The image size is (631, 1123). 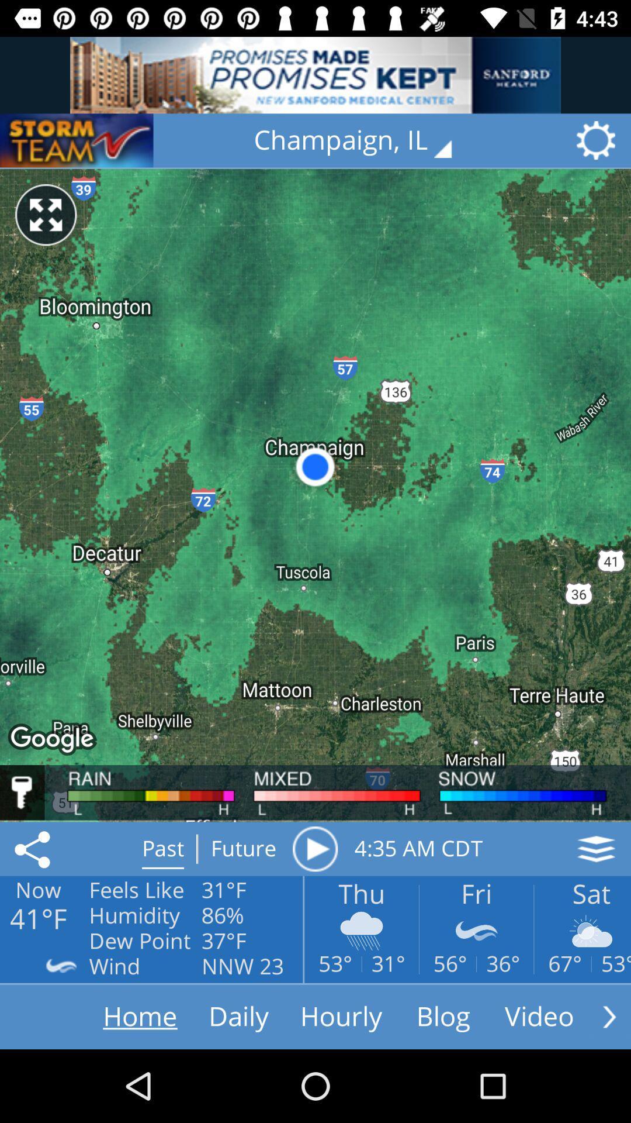 What do you see at coordinates (117, 1016) in the screenshot?
I see `the text left to daily` at bounding box center [117, 1016].